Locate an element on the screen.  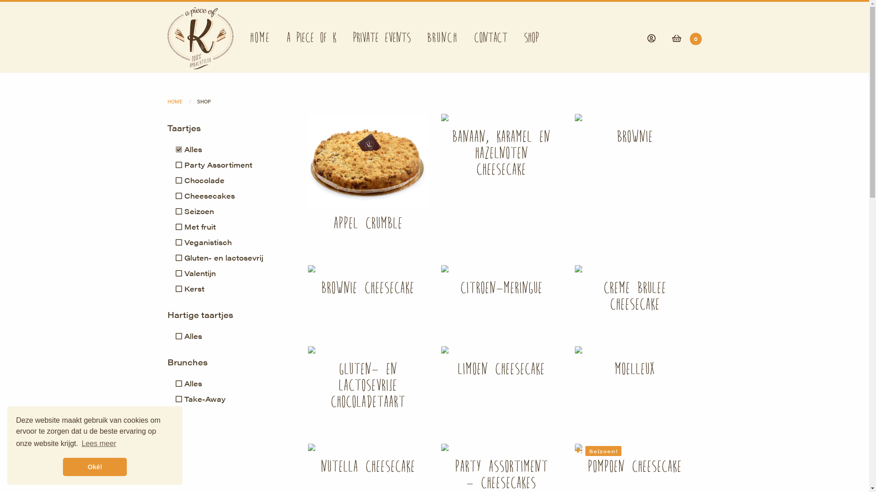
'Lees meer' is located at coordinates (99, 443).